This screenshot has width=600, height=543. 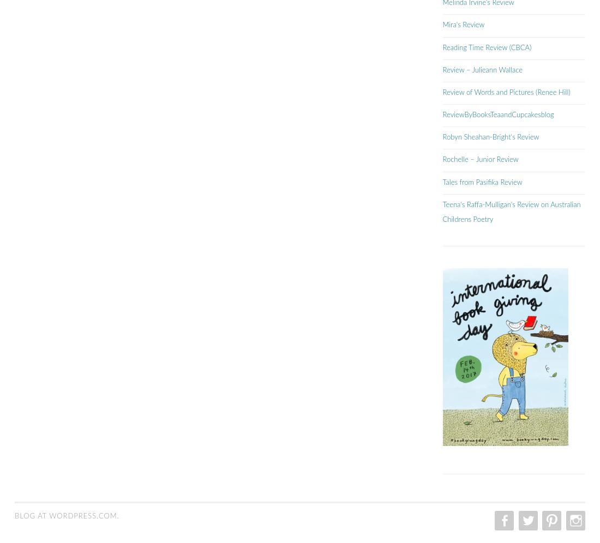 I want to click on 'Tales from Pasifika Review', so click(x=481, y=182).